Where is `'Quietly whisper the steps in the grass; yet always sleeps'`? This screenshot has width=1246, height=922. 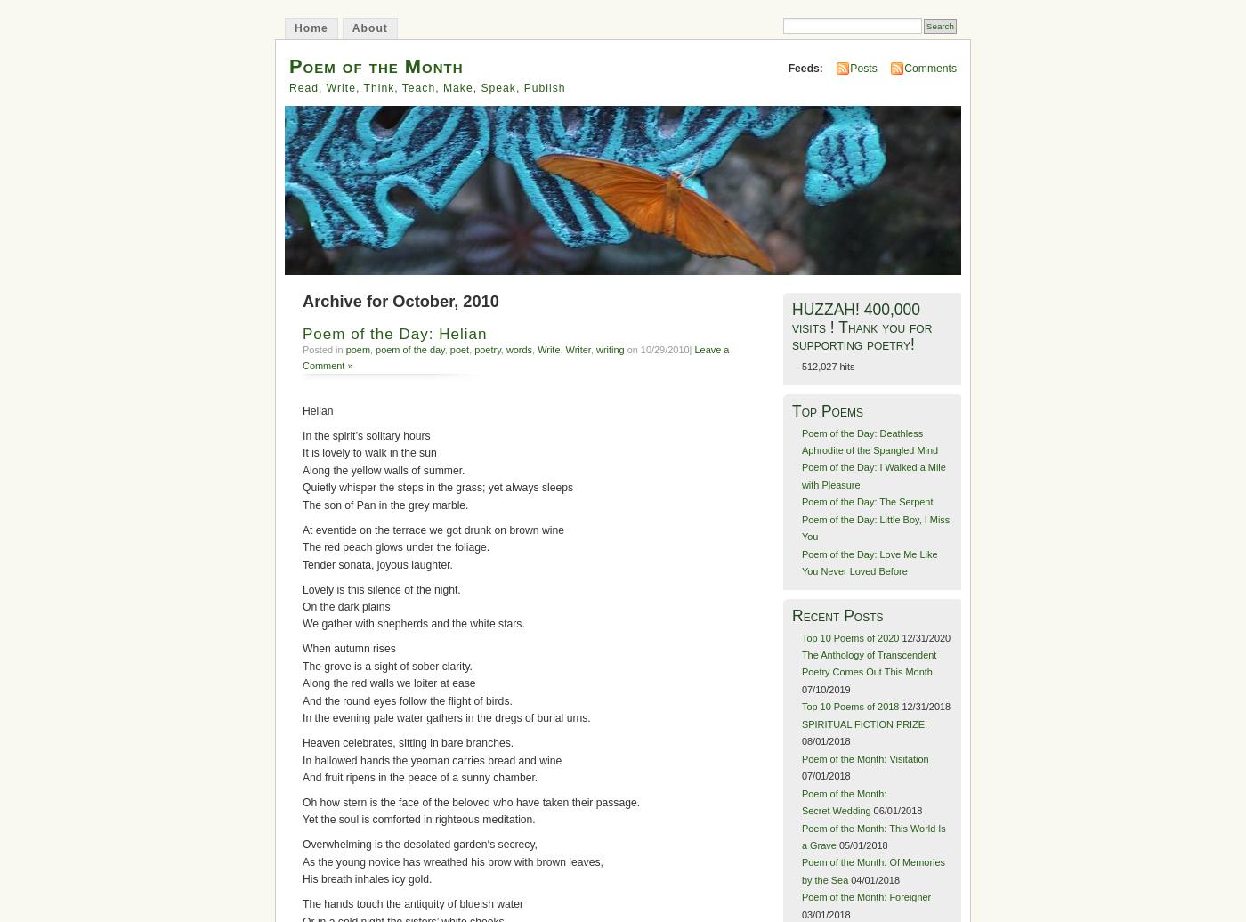
'Quietly whisper the steps in the grass; yet always sleeps' is located at coordinates (437, 488).